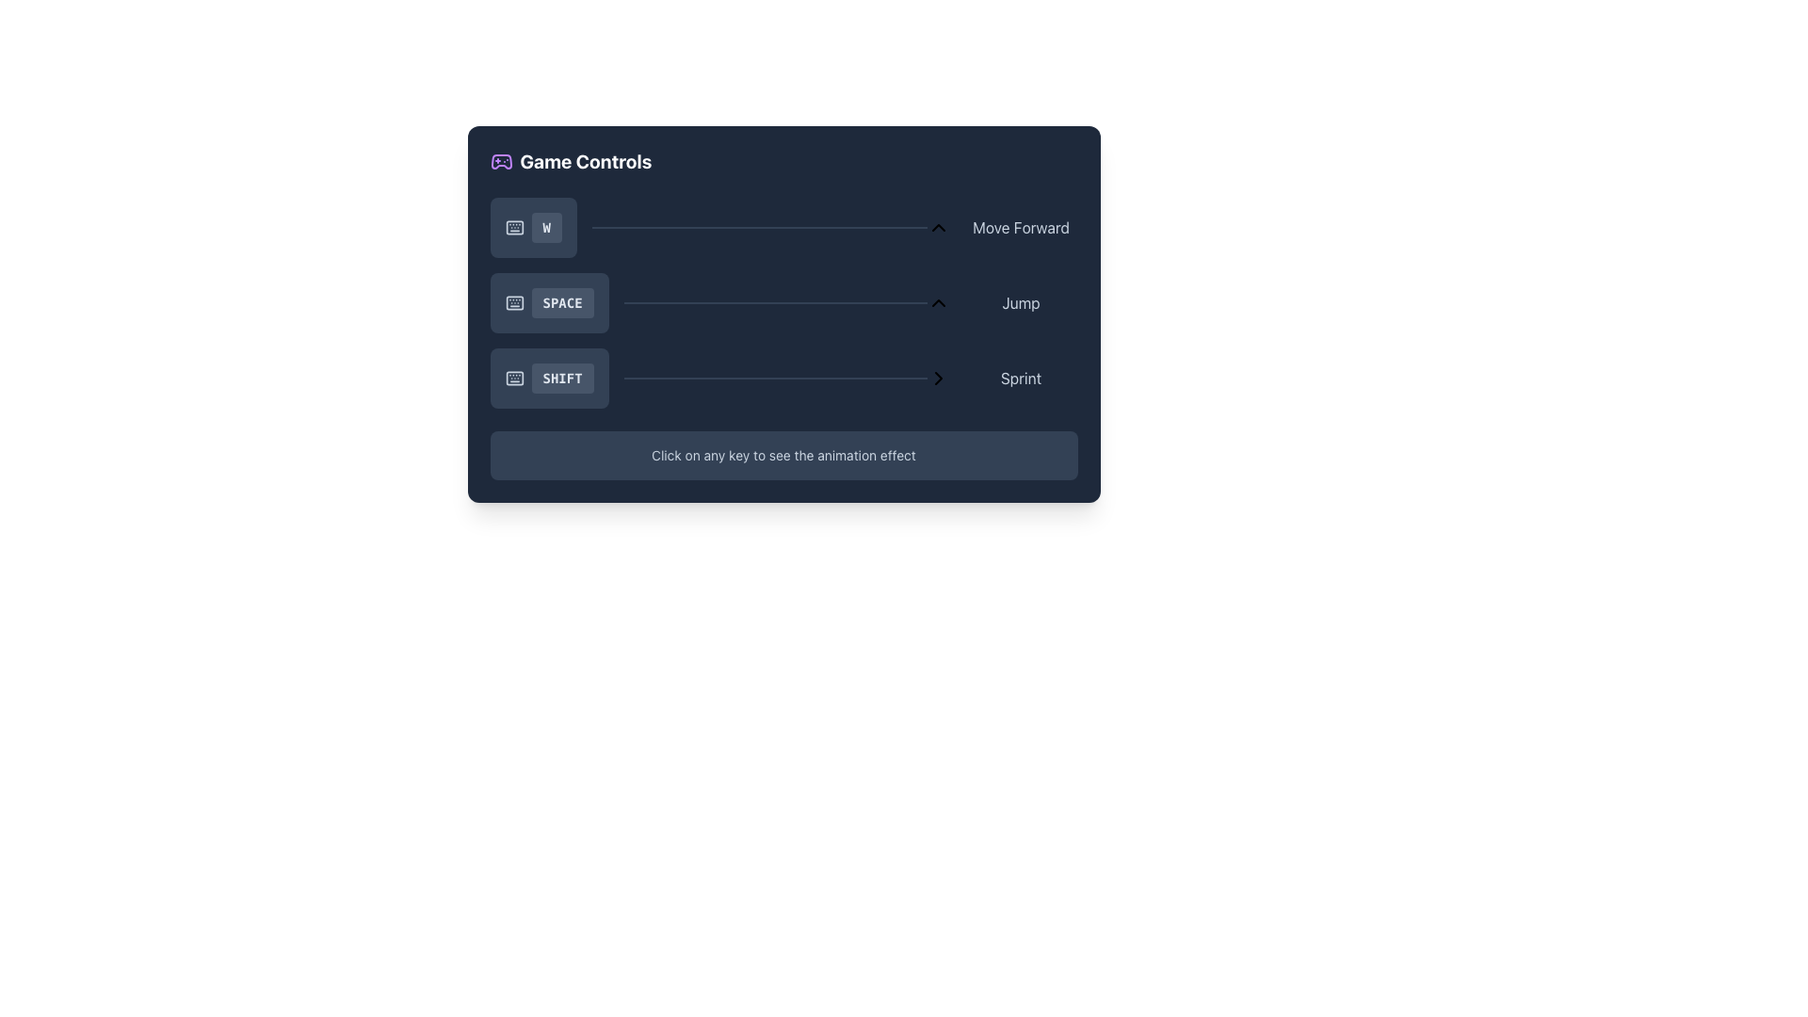 This screenshot has height=1017, width=1808. What do you see at coordinates (561, 378) in the screenshot?
I see `the 'SHIFT' button, which is a rectangular button with rounded corners and the text 'SHIFT' in uppercase, located in the bottom-most row of a column of similar buttons` at bounding box center [561, 378].